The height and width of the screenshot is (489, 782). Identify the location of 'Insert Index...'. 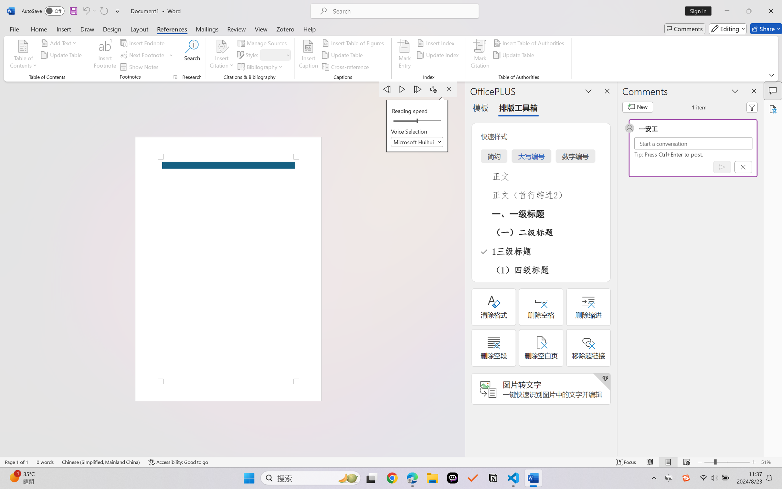
(436, 42).